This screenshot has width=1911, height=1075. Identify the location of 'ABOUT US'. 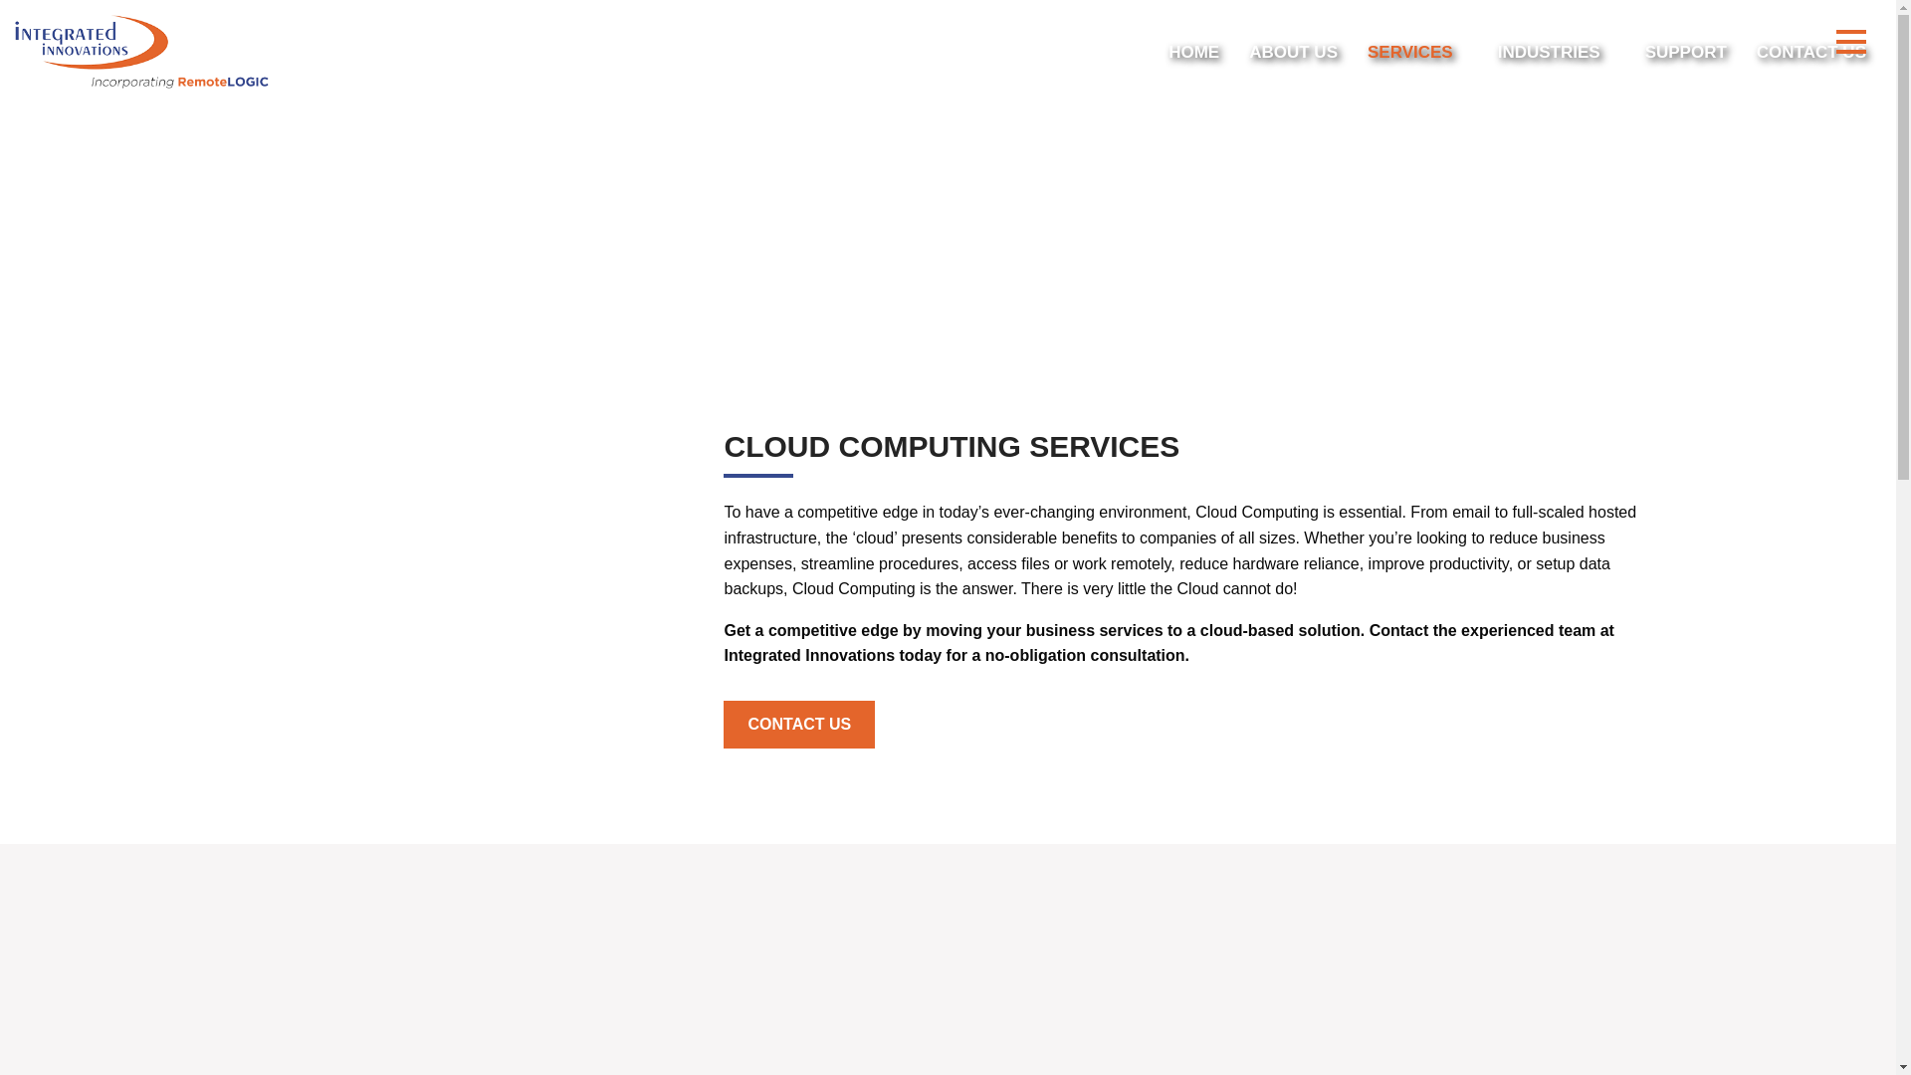
(1293, 50).